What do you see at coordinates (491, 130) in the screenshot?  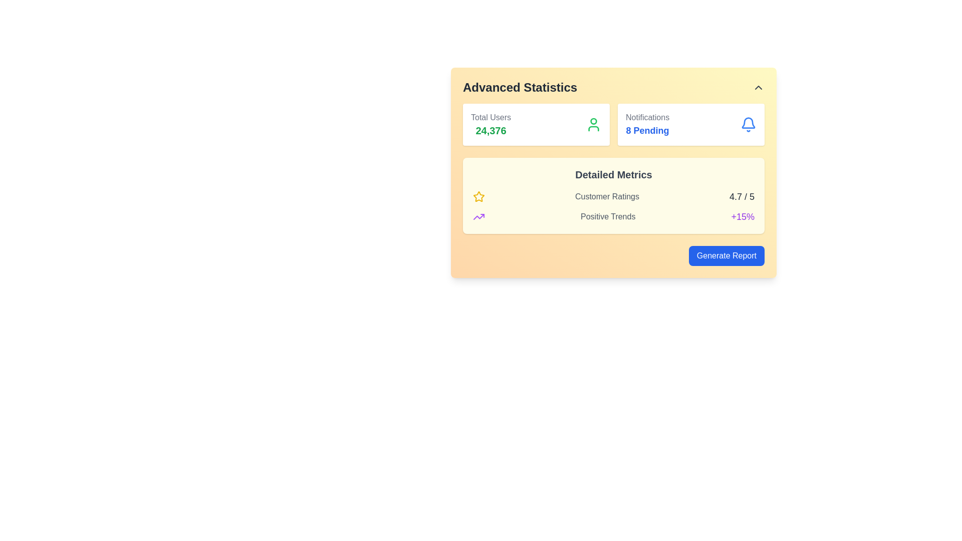 I see `the text label displaying the total count of users, located under the 'Total Users' label on the right-hand side panel` at bounding box center [491, 130].